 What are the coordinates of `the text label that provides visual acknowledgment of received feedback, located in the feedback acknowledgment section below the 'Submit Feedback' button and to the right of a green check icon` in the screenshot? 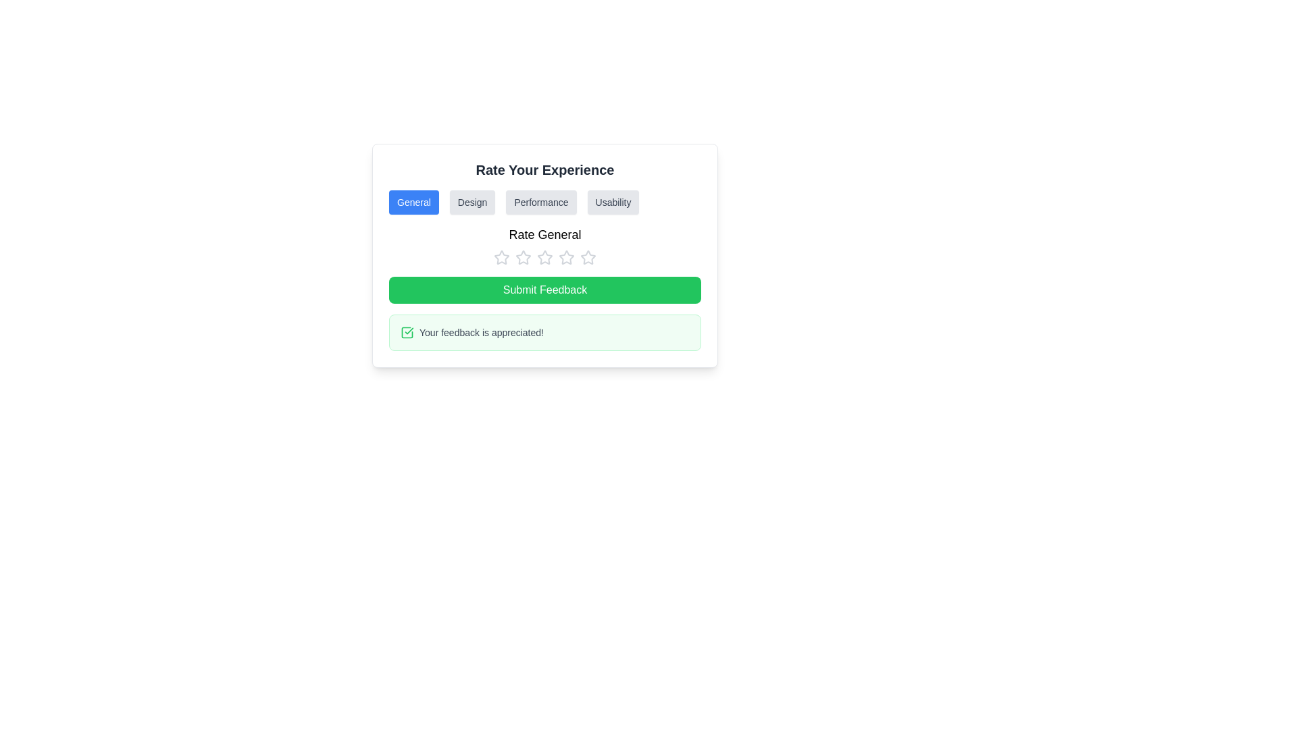 It's located at (481, 333).